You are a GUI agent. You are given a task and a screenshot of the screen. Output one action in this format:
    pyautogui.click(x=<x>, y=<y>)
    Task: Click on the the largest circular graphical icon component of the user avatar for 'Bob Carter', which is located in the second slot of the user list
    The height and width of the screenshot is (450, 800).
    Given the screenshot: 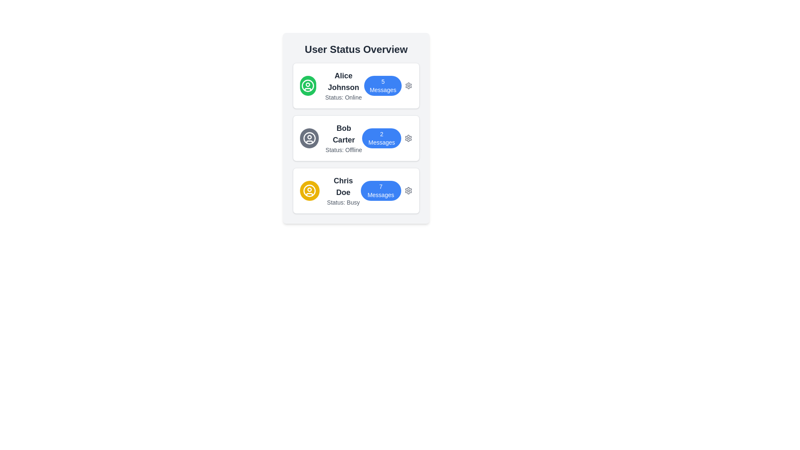 What is the action you would take?
    pyautogui.click(x=309, y=137)
    